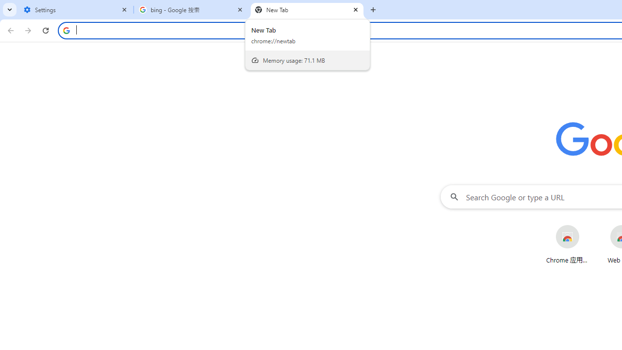 The width and height of the screenshot is (622, 350). Describe the element at coordinates (307, 10) in the screenshot. I see `'New Tab'` at that location.